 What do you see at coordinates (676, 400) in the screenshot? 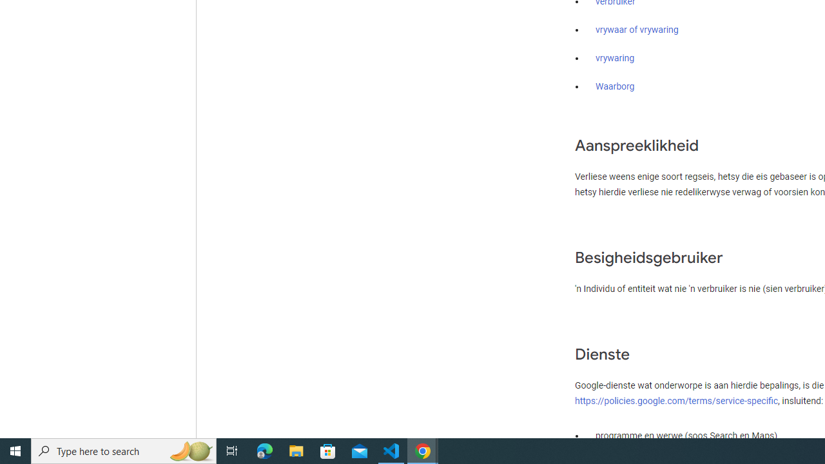
I see `'https://policies.google.com/terms/service-specific'` at bounding box center [676, 400].